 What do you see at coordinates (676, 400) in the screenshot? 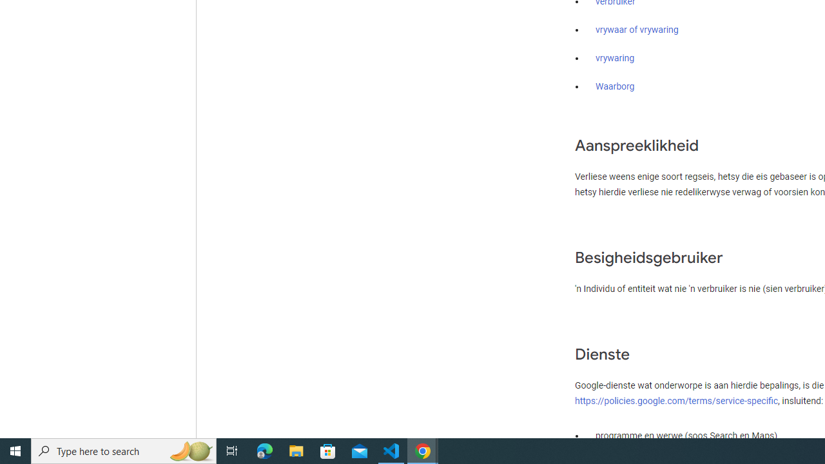
I see `'https://policies.google.com/terms/service-specific'` at bounding box center [676, 400].